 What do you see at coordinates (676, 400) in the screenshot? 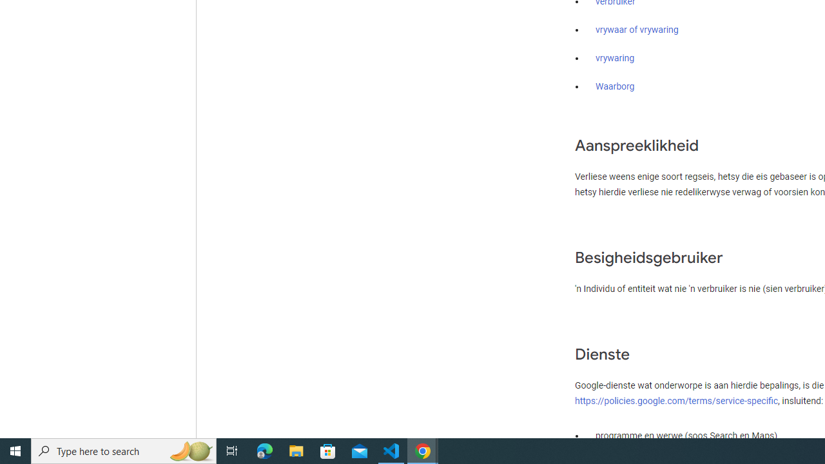
I see `'https://policies.google.com/terms/service-specific'` at bounding box center [676, 400].